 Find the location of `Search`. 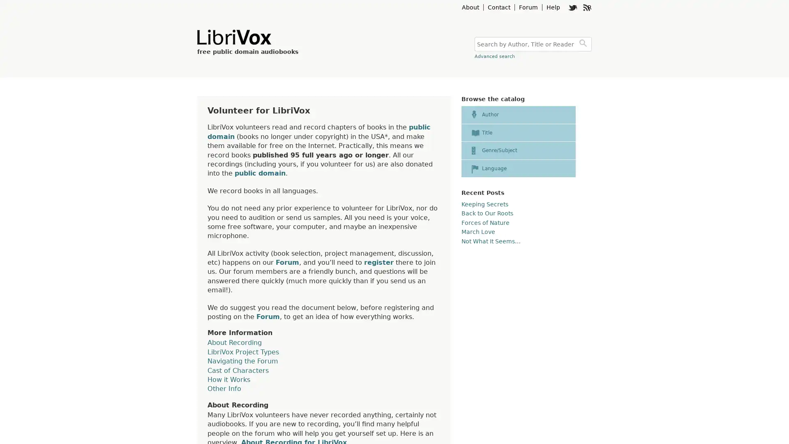

Search is located at coordinates (584, 44).